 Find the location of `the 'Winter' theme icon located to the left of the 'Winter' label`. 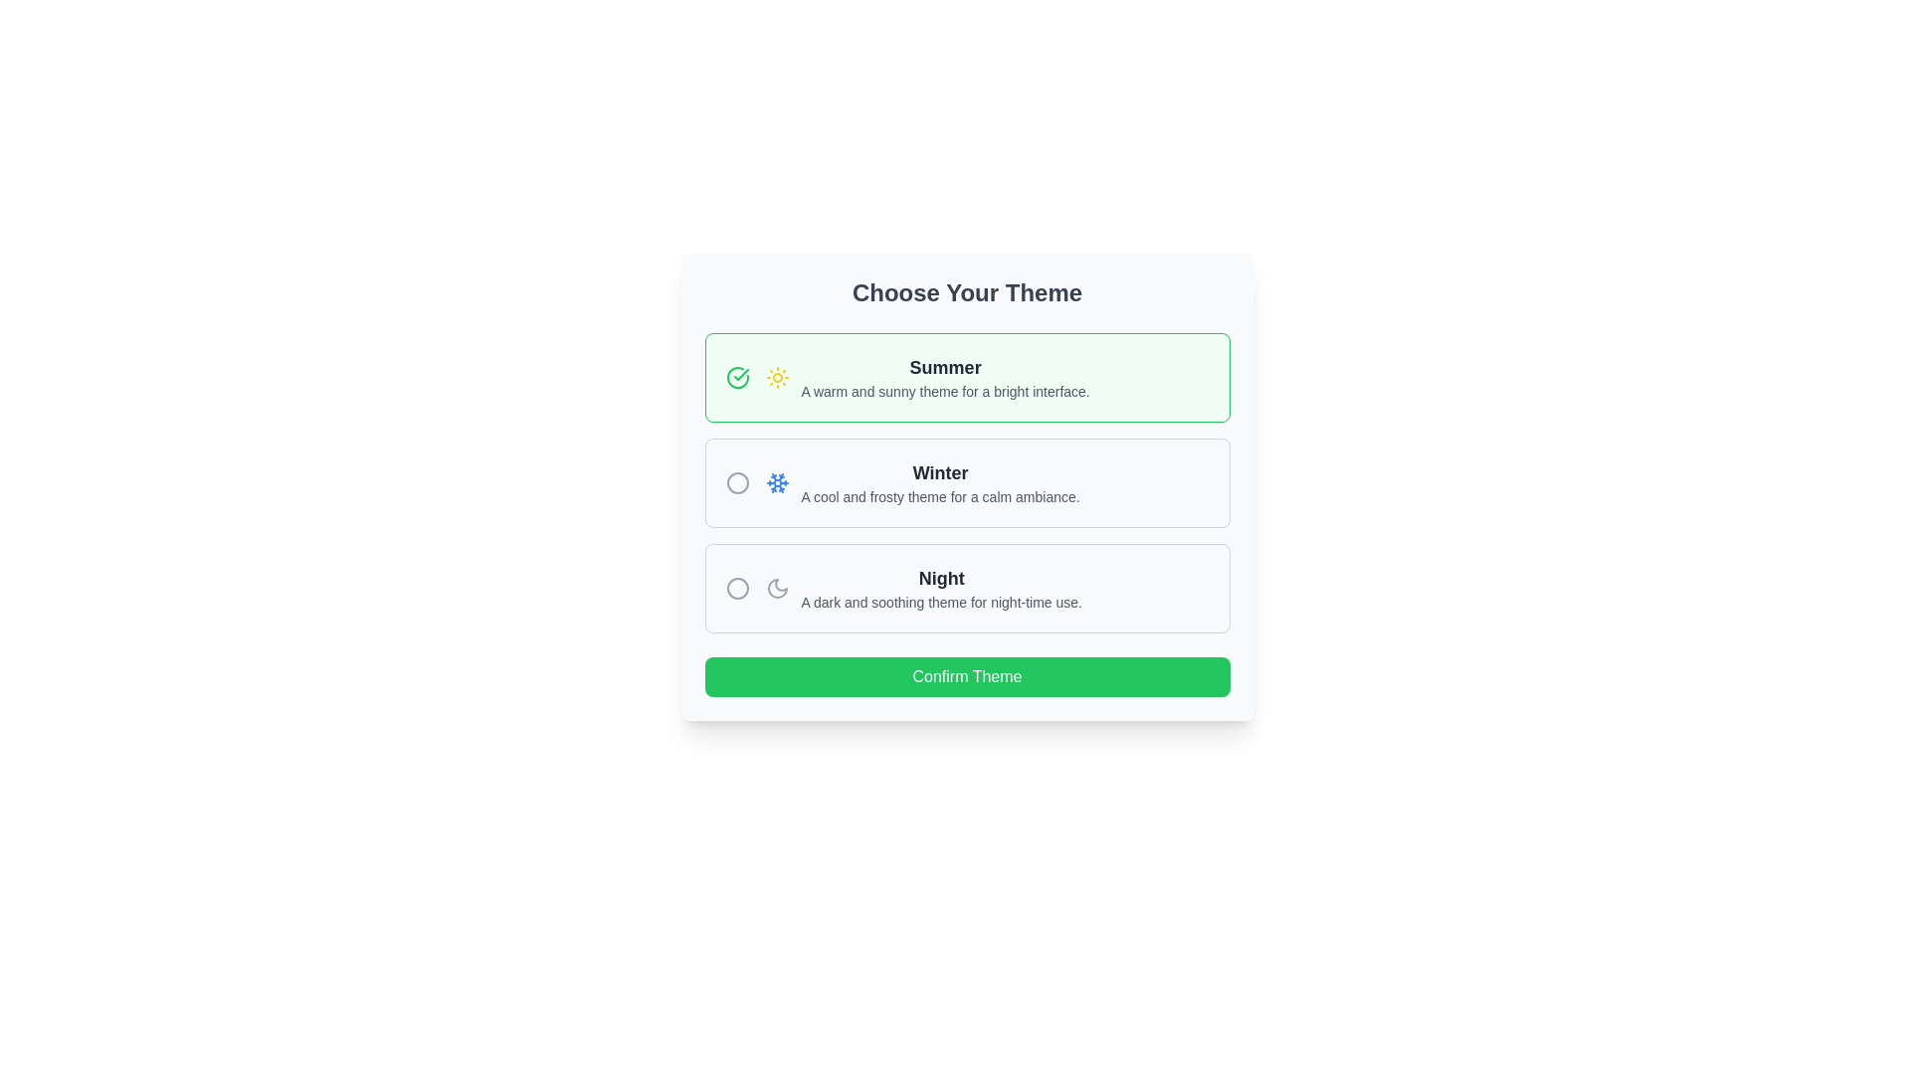

the 'Winter' theme icon located to the left of the 'Winter' label is located at coordinates (776, 483).